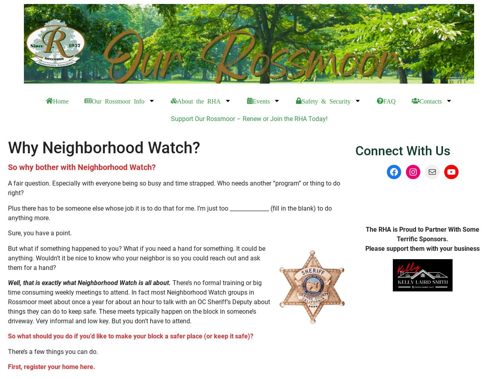 This screenshot has height=379, width=498. Describe the element at coordinates (90, 282) in the screenshot. I see `'Well, that is exactly what Neighborhood Watch is all about.'` at that location.